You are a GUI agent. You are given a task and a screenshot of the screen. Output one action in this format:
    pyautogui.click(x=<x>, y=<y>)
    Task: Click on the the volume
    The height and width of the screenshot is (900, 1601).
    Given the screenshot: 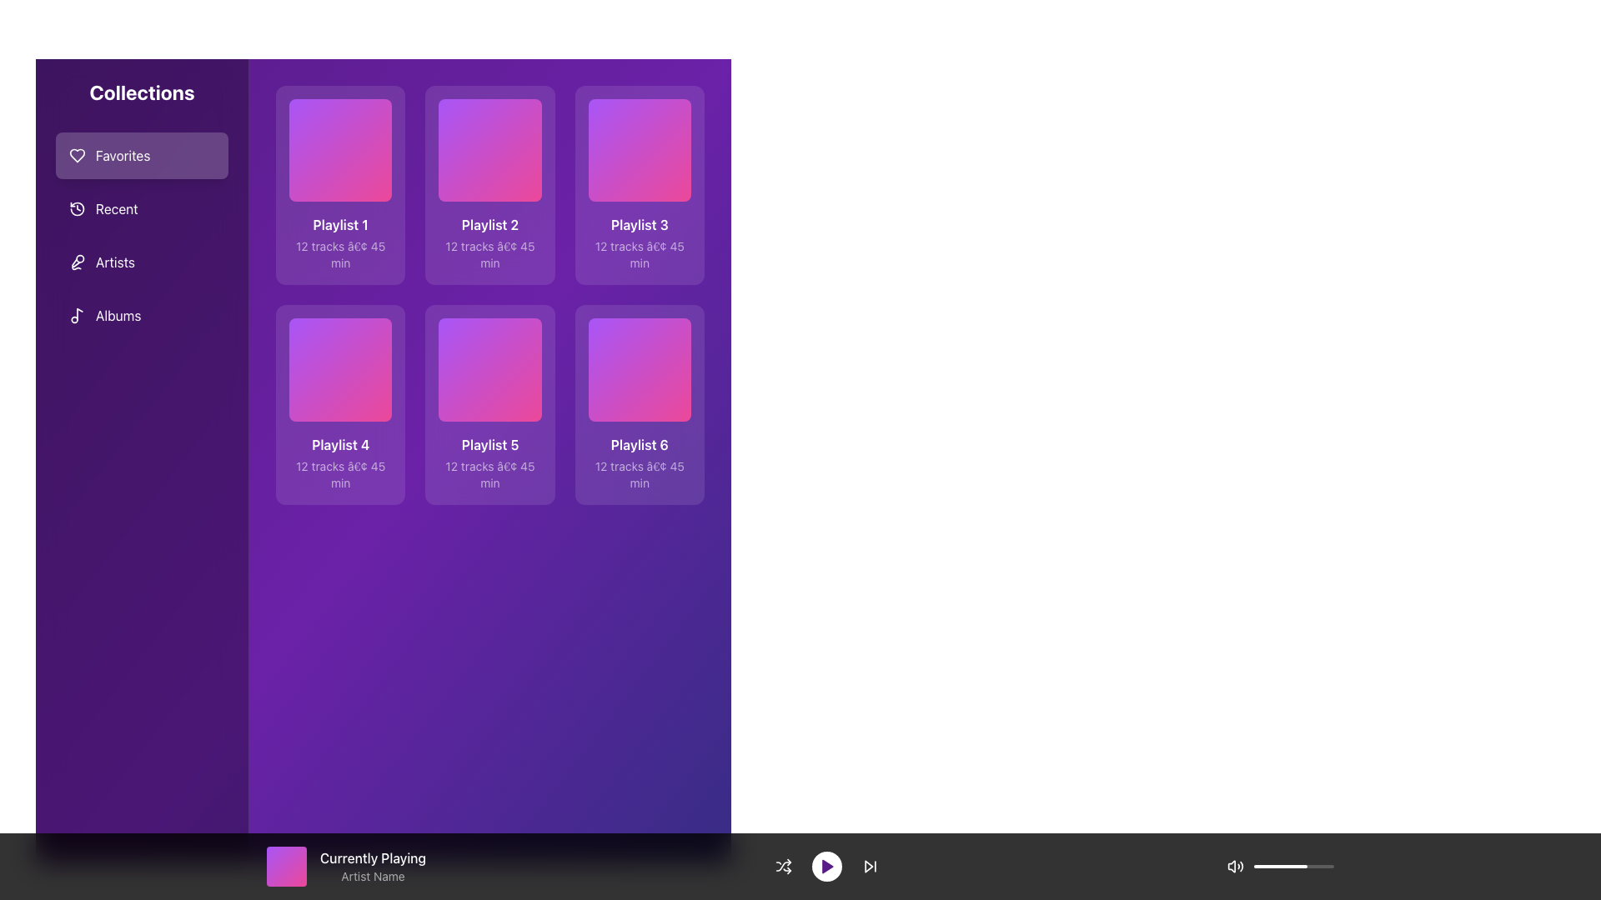 What is the action you would take?
    pyautogui.click(x=1323, y=866)
    